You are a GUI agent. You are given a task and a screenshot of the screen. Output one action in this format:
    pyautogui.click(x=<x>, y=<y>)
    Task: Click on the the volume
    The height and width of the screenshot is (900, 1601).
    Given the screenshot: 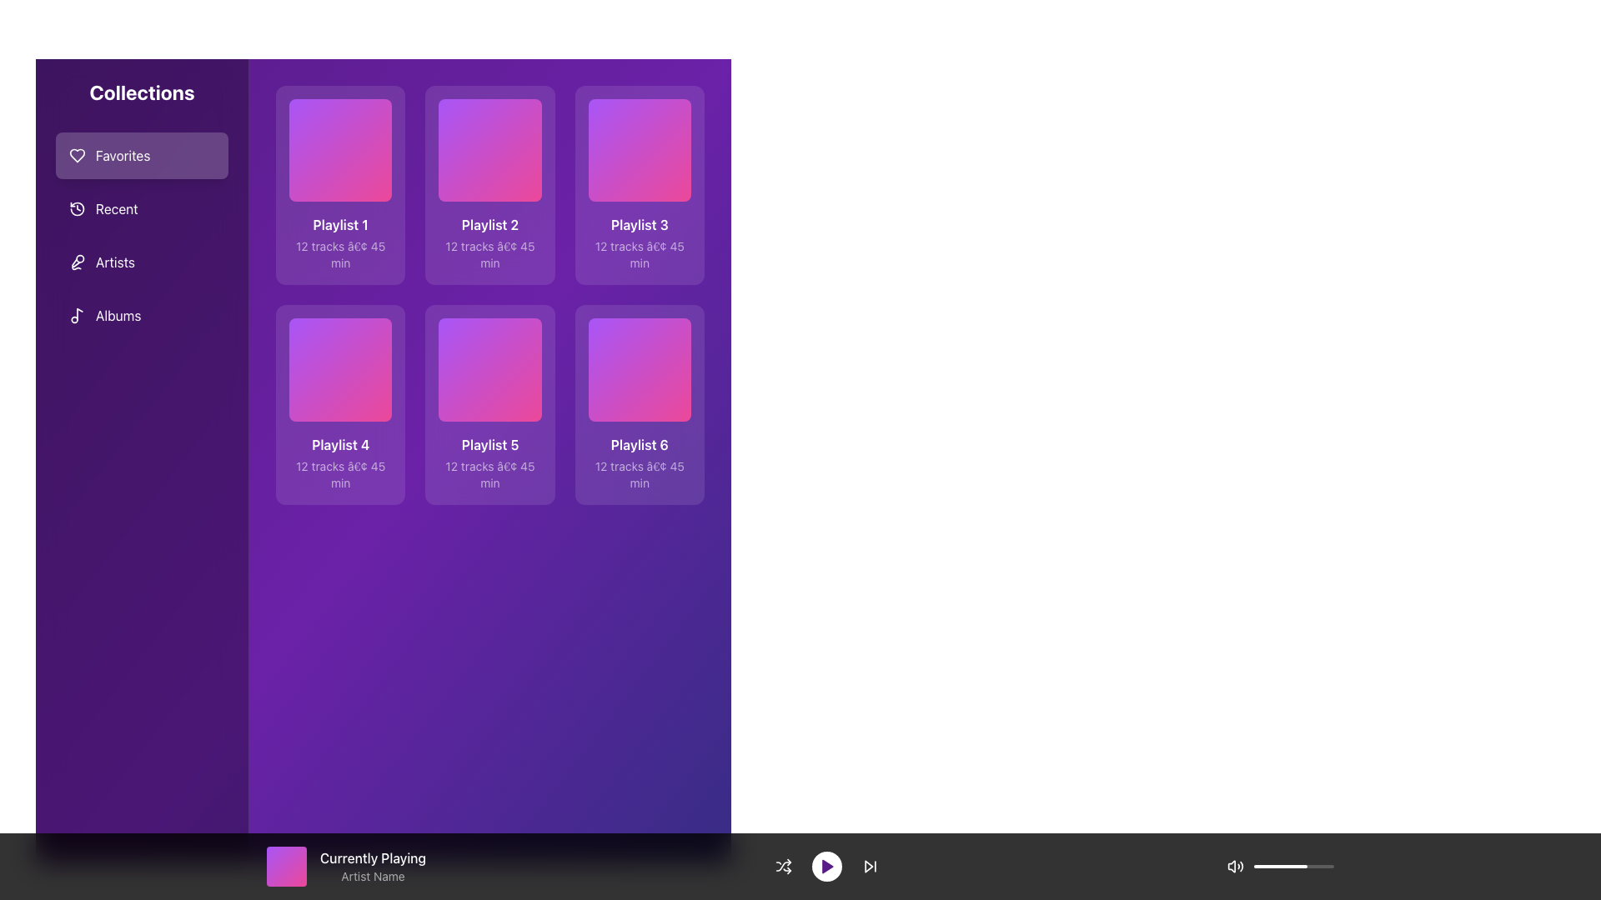 What is the action you would take?
    pyautogui.click(x=1323, y=866)
    